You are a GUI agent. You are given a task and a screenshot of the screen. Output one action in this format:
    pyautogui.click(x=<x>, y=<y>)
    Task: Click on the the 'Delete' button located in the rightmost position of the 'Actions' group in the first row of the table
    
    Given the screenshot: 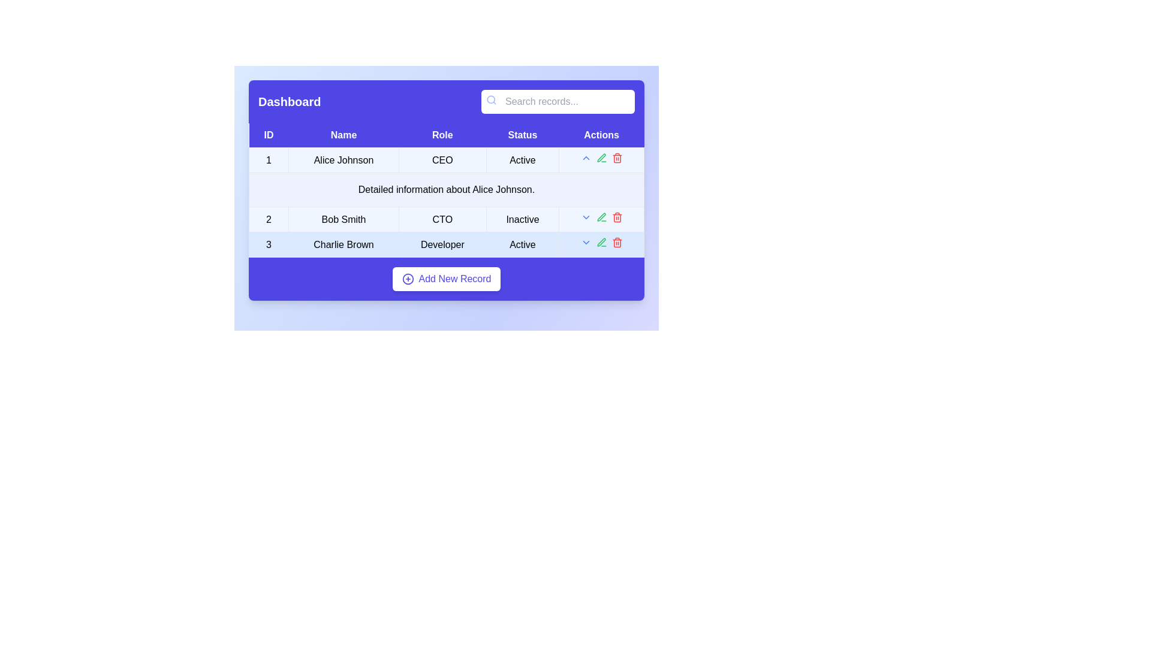 What is the action you would take?
    pyautogui.click(x=617, y=157)
    